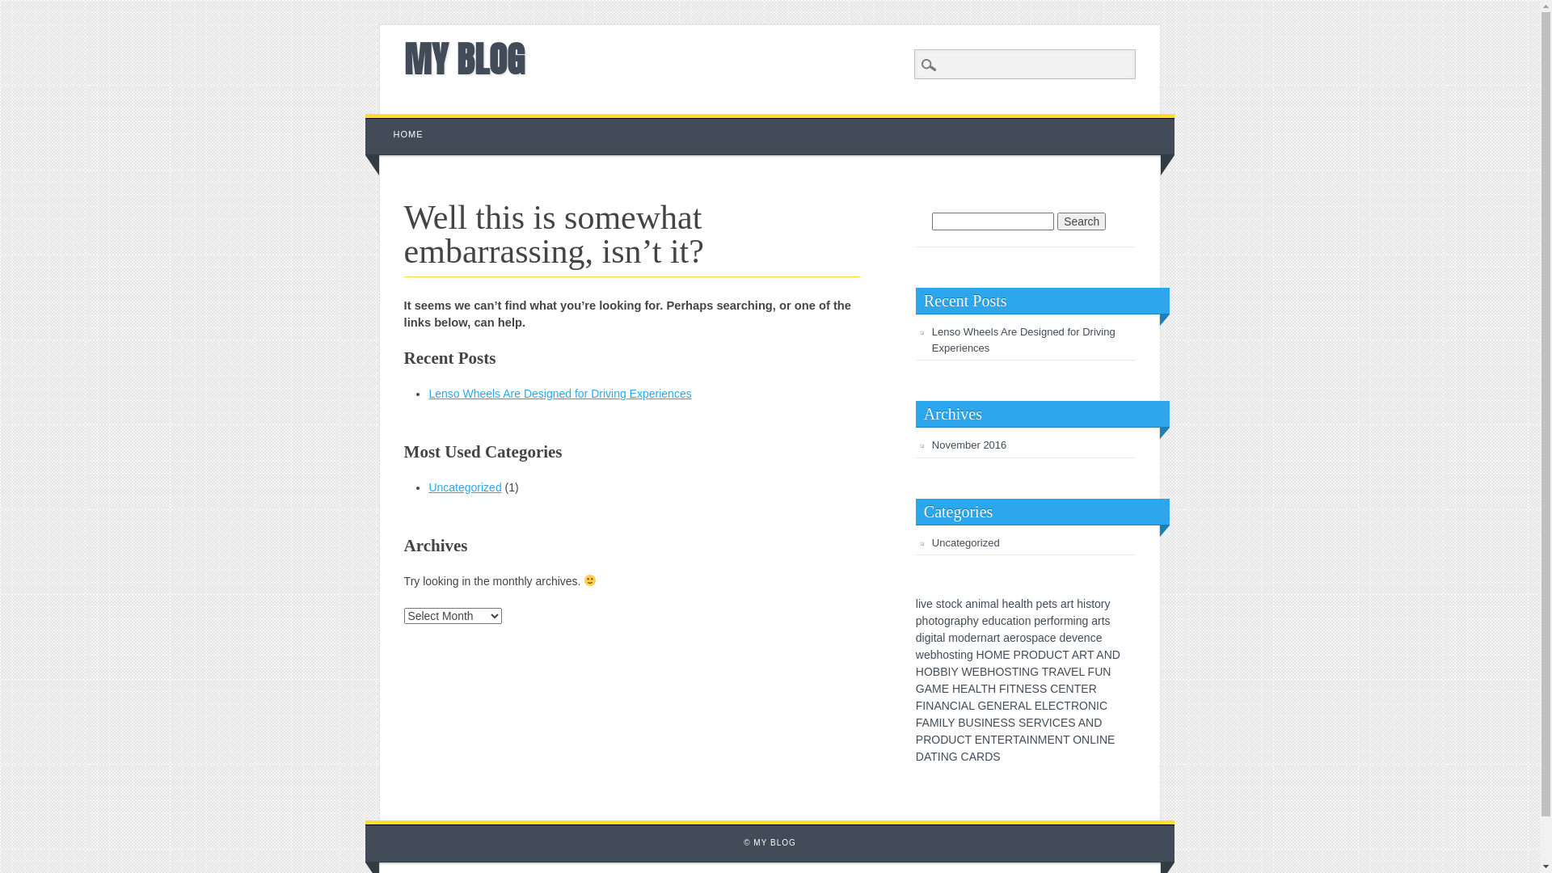 The image size is (1552, 873). What do you see at coordinates (1081, 671) in the screenshot?
I see `'L'` at bounding box center [1081, 671].